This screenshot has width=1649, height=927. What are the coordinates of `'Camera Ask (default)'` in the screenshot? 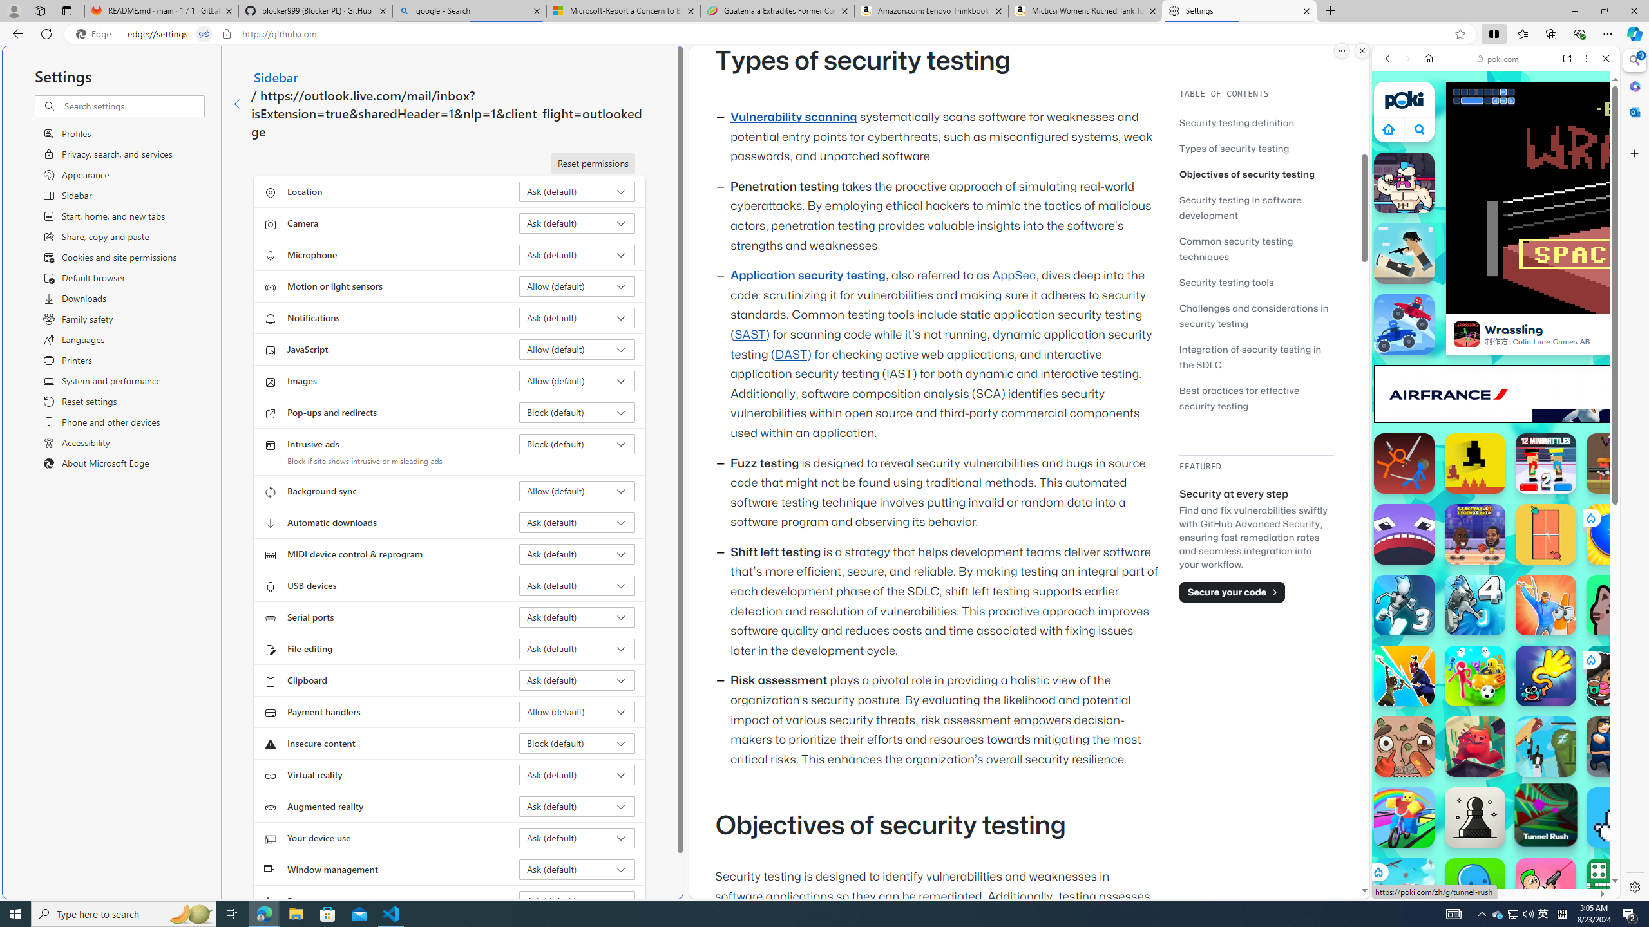 It's located at (577, 223).